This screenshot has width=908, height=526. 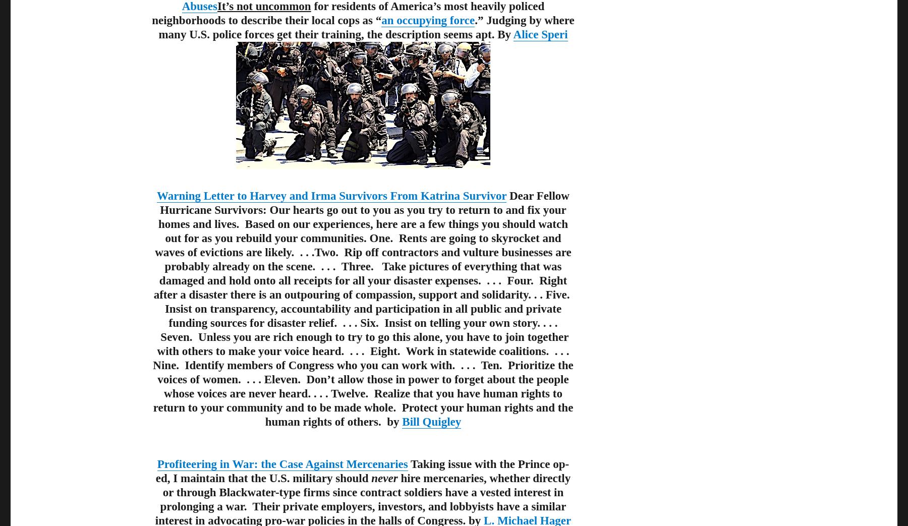 What do you see at coordinates (540, 34) in the screenshot?
I see `'Alice Speri'` at bounding box center [540, 34].